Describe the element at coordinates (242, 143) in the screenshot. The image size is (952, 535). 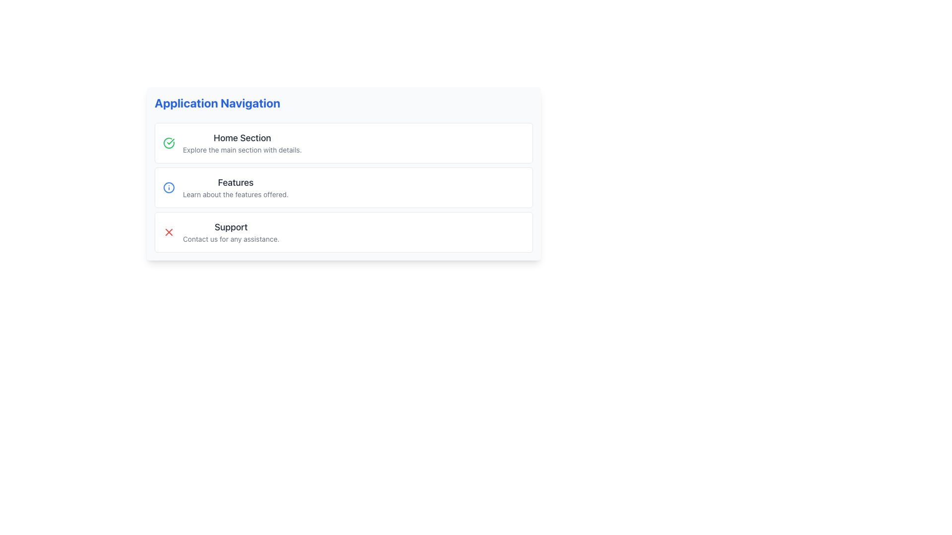
I see `descriptive text located just beneath the 'Application Navigation' title, which provides context for the hyperlink heading` at that location.